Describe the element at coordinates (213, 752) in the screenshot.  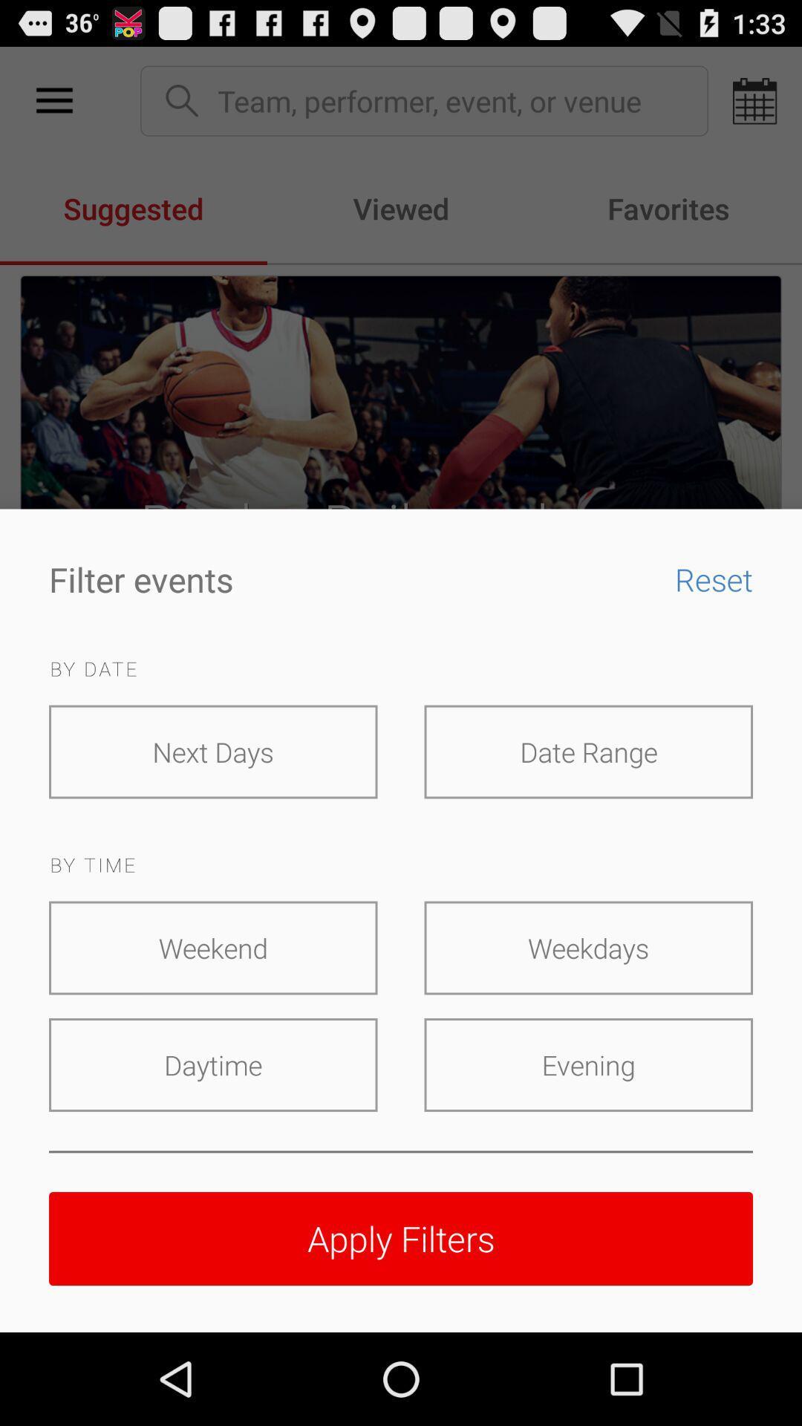
I see `the next days icon` at that location.